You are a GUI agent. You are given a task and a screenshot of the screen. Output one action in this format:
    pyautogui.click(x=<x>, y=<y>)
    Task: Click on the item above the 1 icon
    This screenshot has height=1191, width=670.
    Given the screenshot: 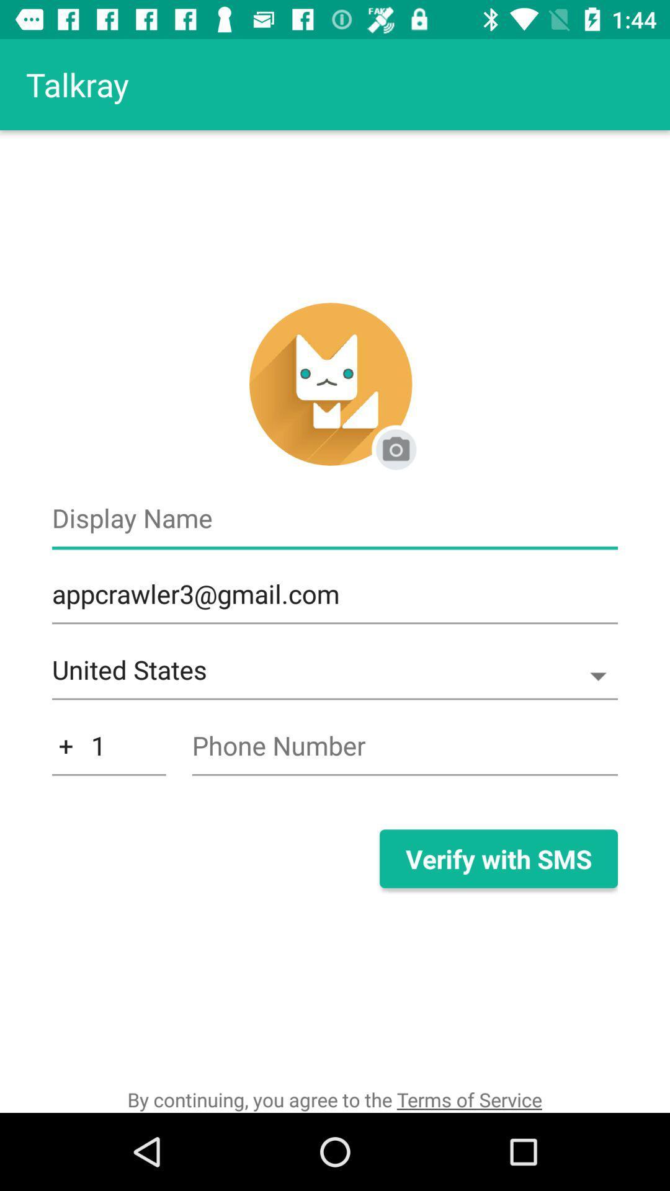 What is the action you would take?
    pyautogui.click(x=335, y=676)
    